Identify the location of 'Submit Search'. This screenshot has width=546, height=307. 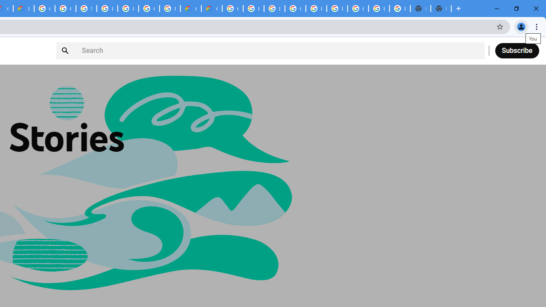
(66, 51).